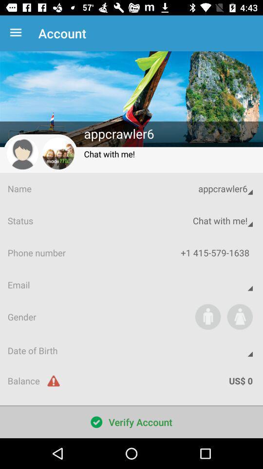  What do you see at coordinates (207, 316) in the screenshot?
I see `icon below the email item` at bounding box center [207, 316].